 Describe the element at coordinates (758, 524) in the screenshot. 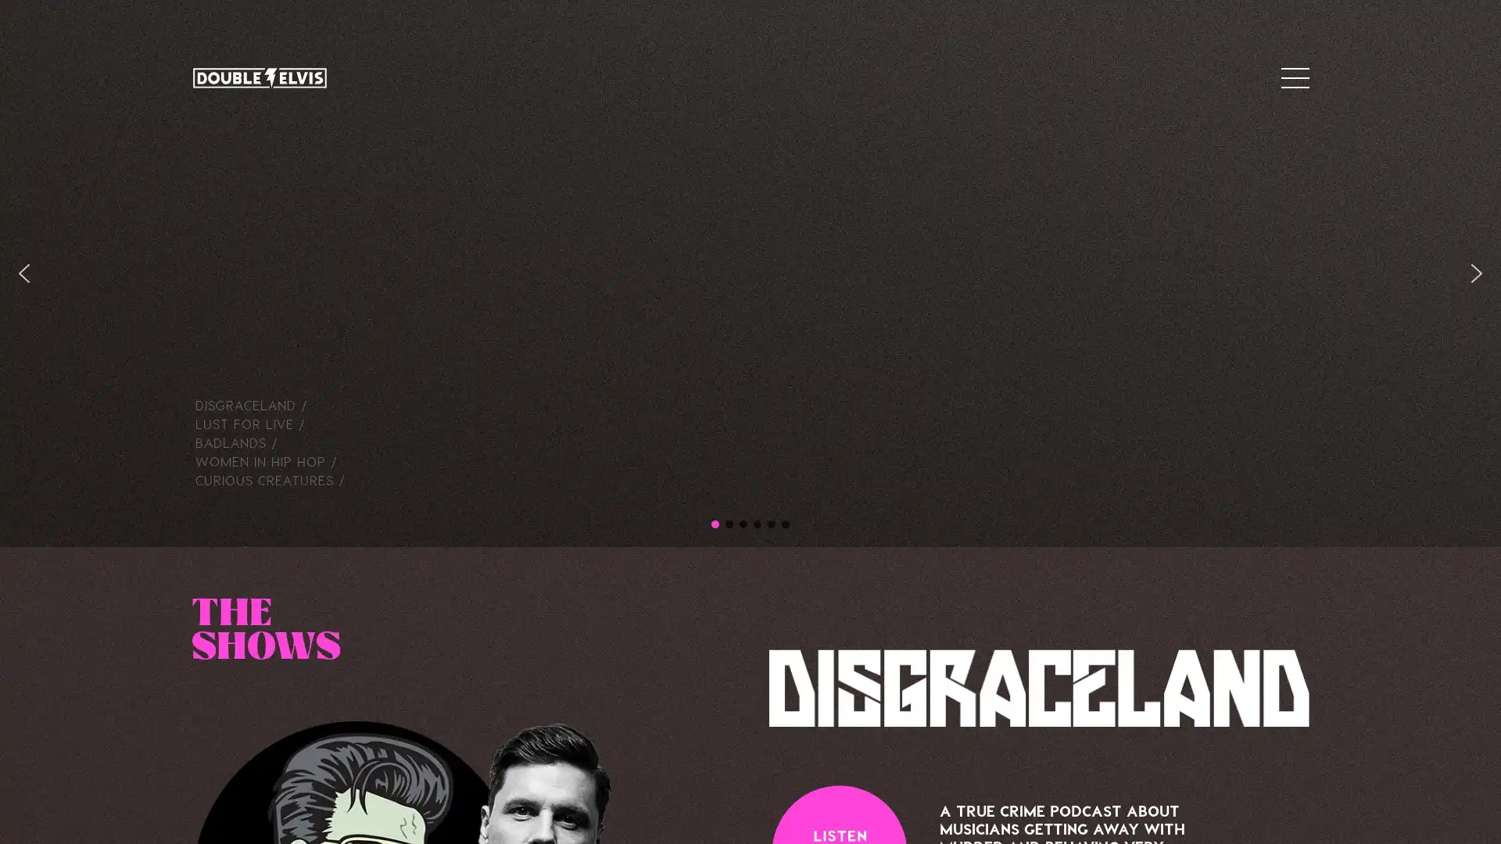

I see `Badlands hero` at that location.